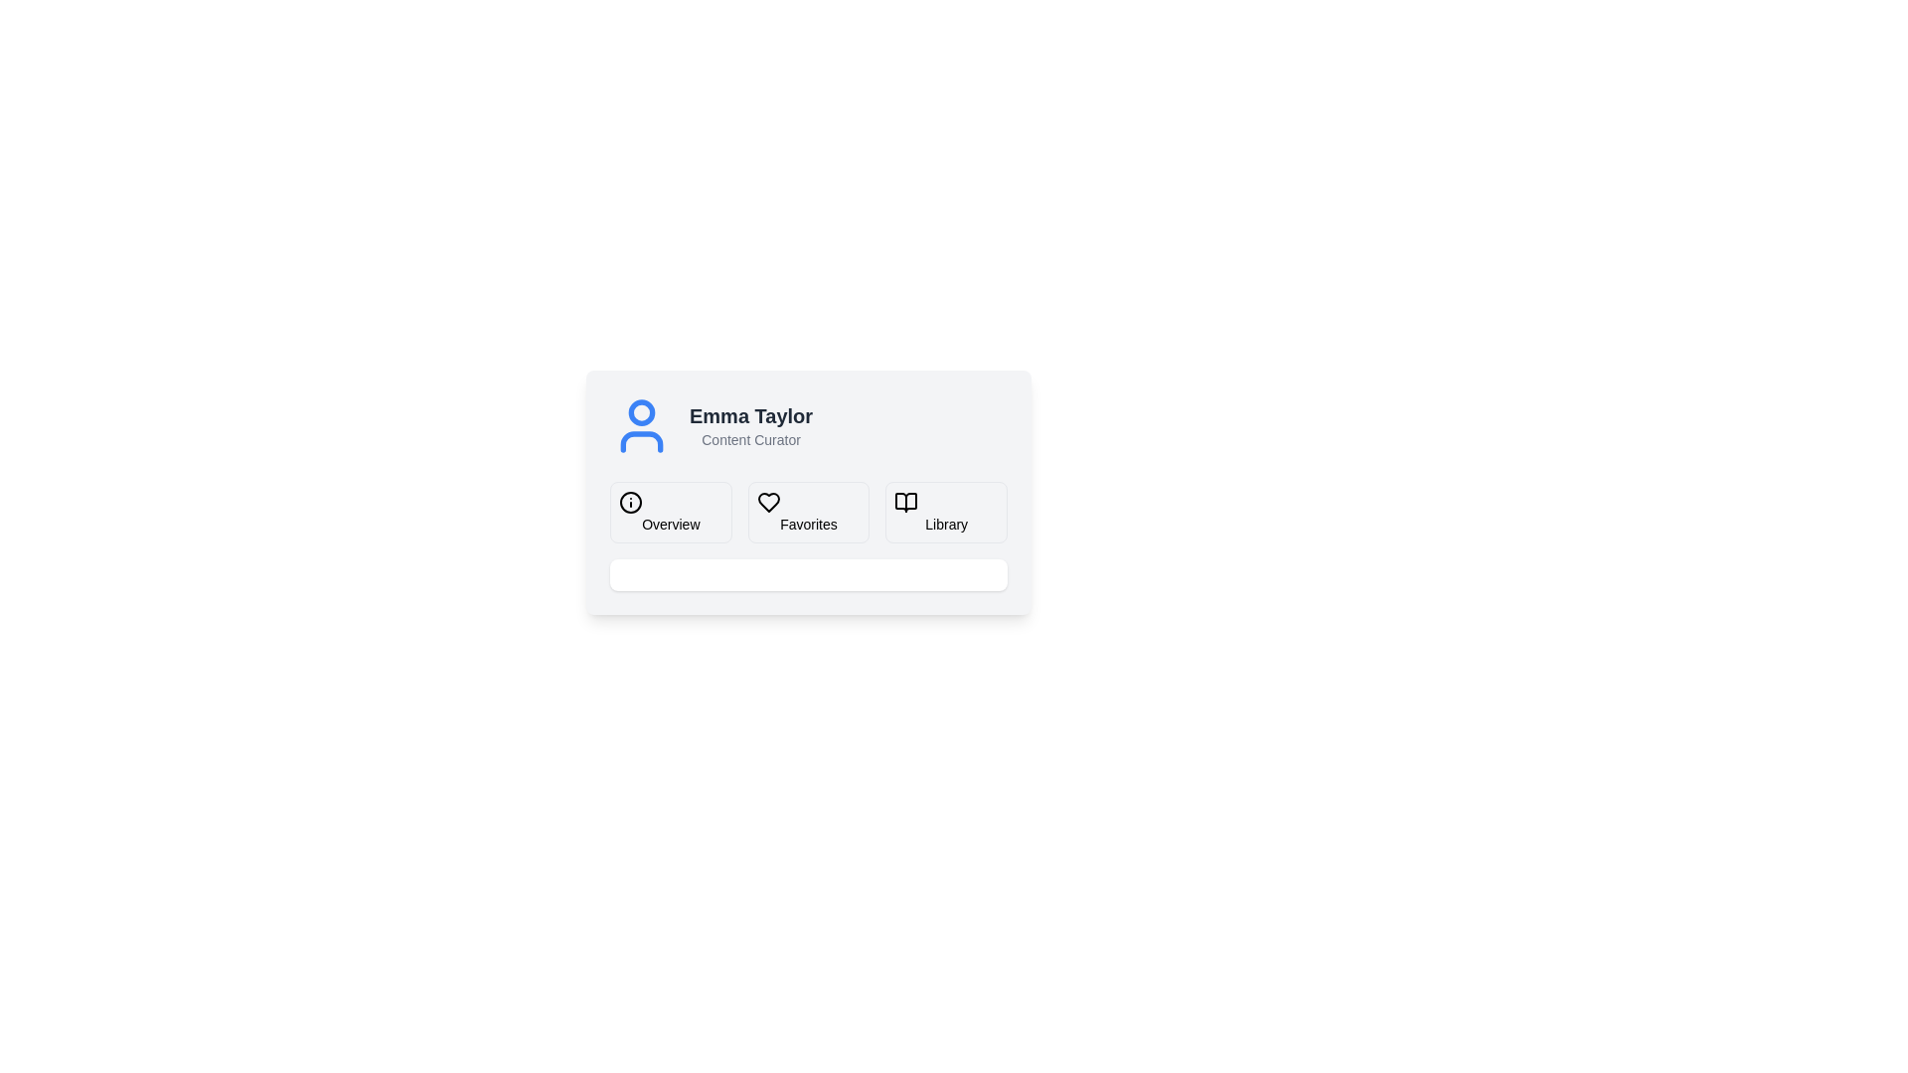 The height and width of the screenshot is (1073, 1908). I want to click on the decorative graphic element of the user profile icon, which resembles a simplified human torso, located above the text labels 'Emma Taylor' and 'Content Curator', so click(642, 440).